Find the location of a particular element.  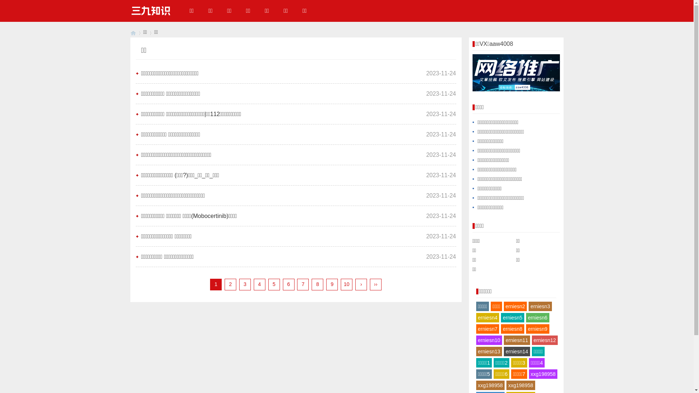

'erniesn11' is located at coordinates (517, 340).